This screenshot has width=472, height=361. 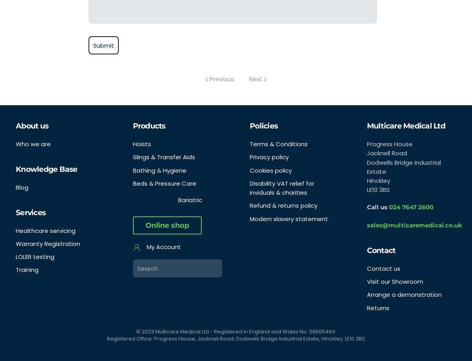 I want to click on 'Online shop', so click(x=145, y=225).